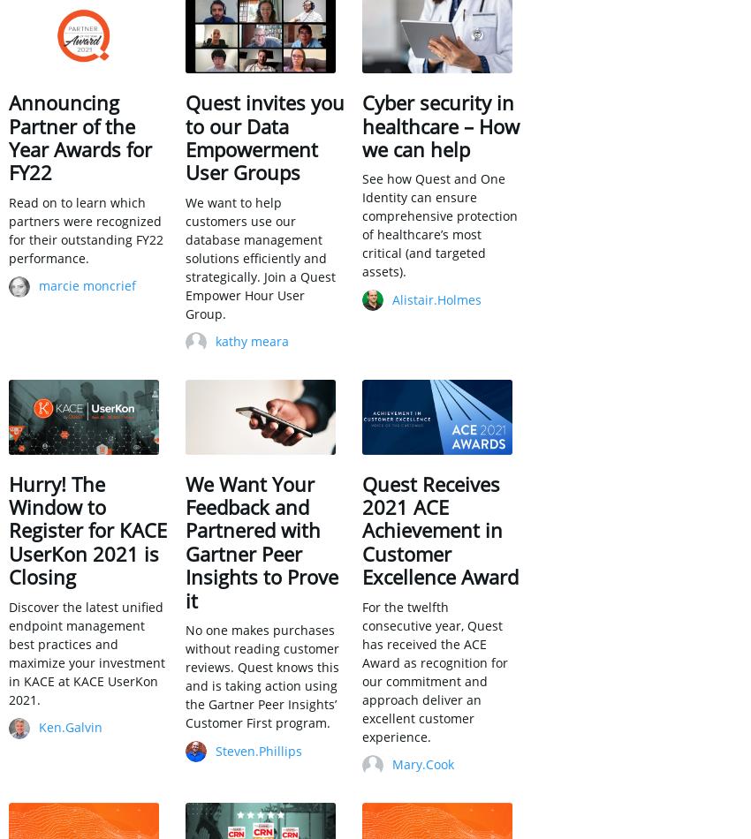 The height and width of the screenshot is (839, 751). Describe the element at coordinates (87, 530) in the screenshot. I see `'Hurry! The Window to Register for KACE UserKon 2021 is Closing'` at that location.